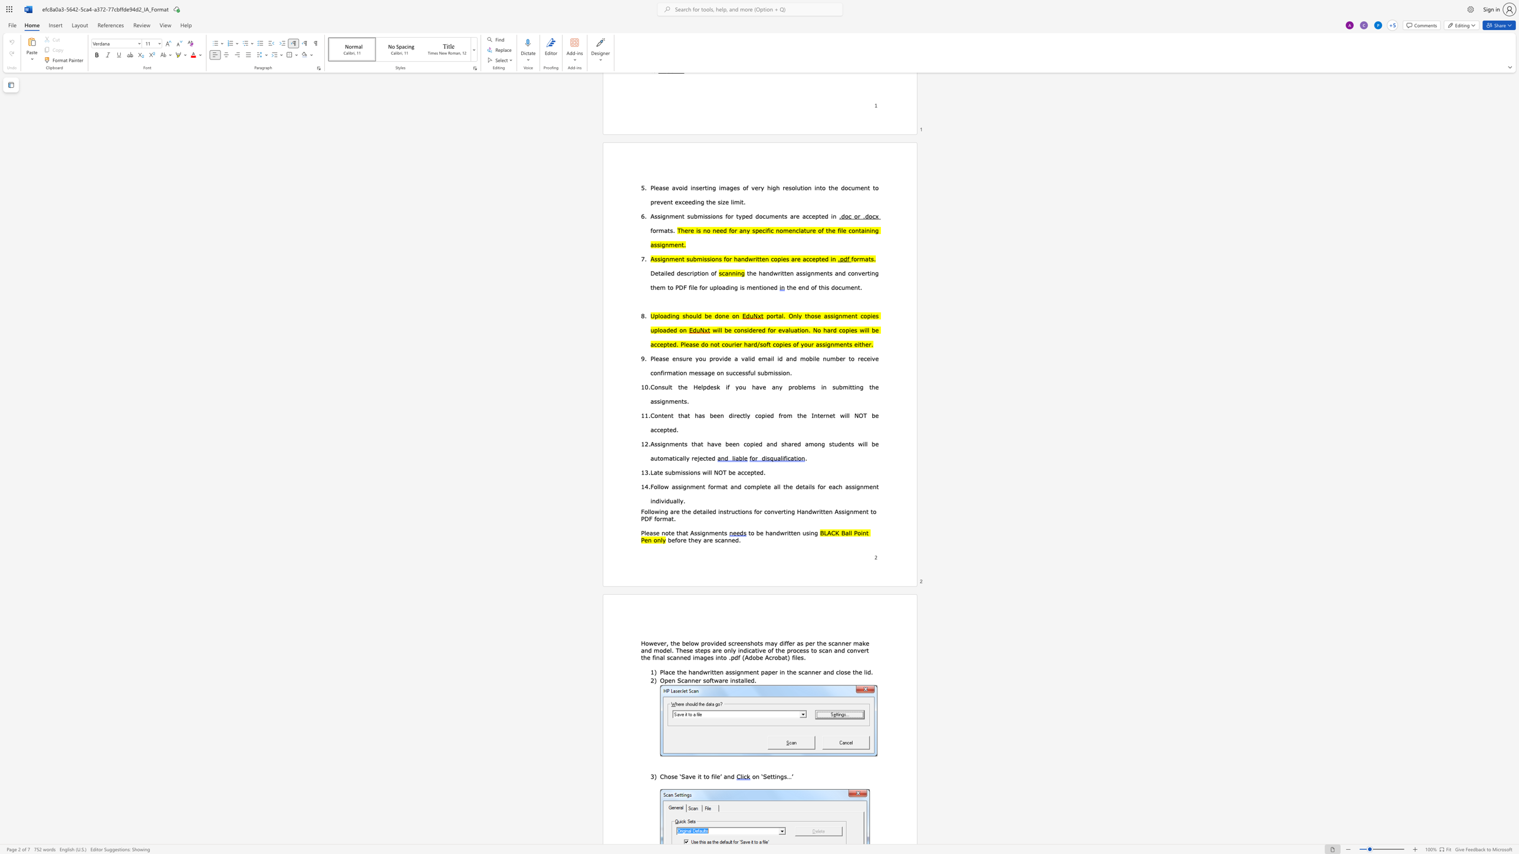 The width and height of the screenshot is (1519, 854). What do you see at coordinates (877, 443) in the screenshot?
I see `the 8th character "e" in the text` at bounding box center [877, 443].